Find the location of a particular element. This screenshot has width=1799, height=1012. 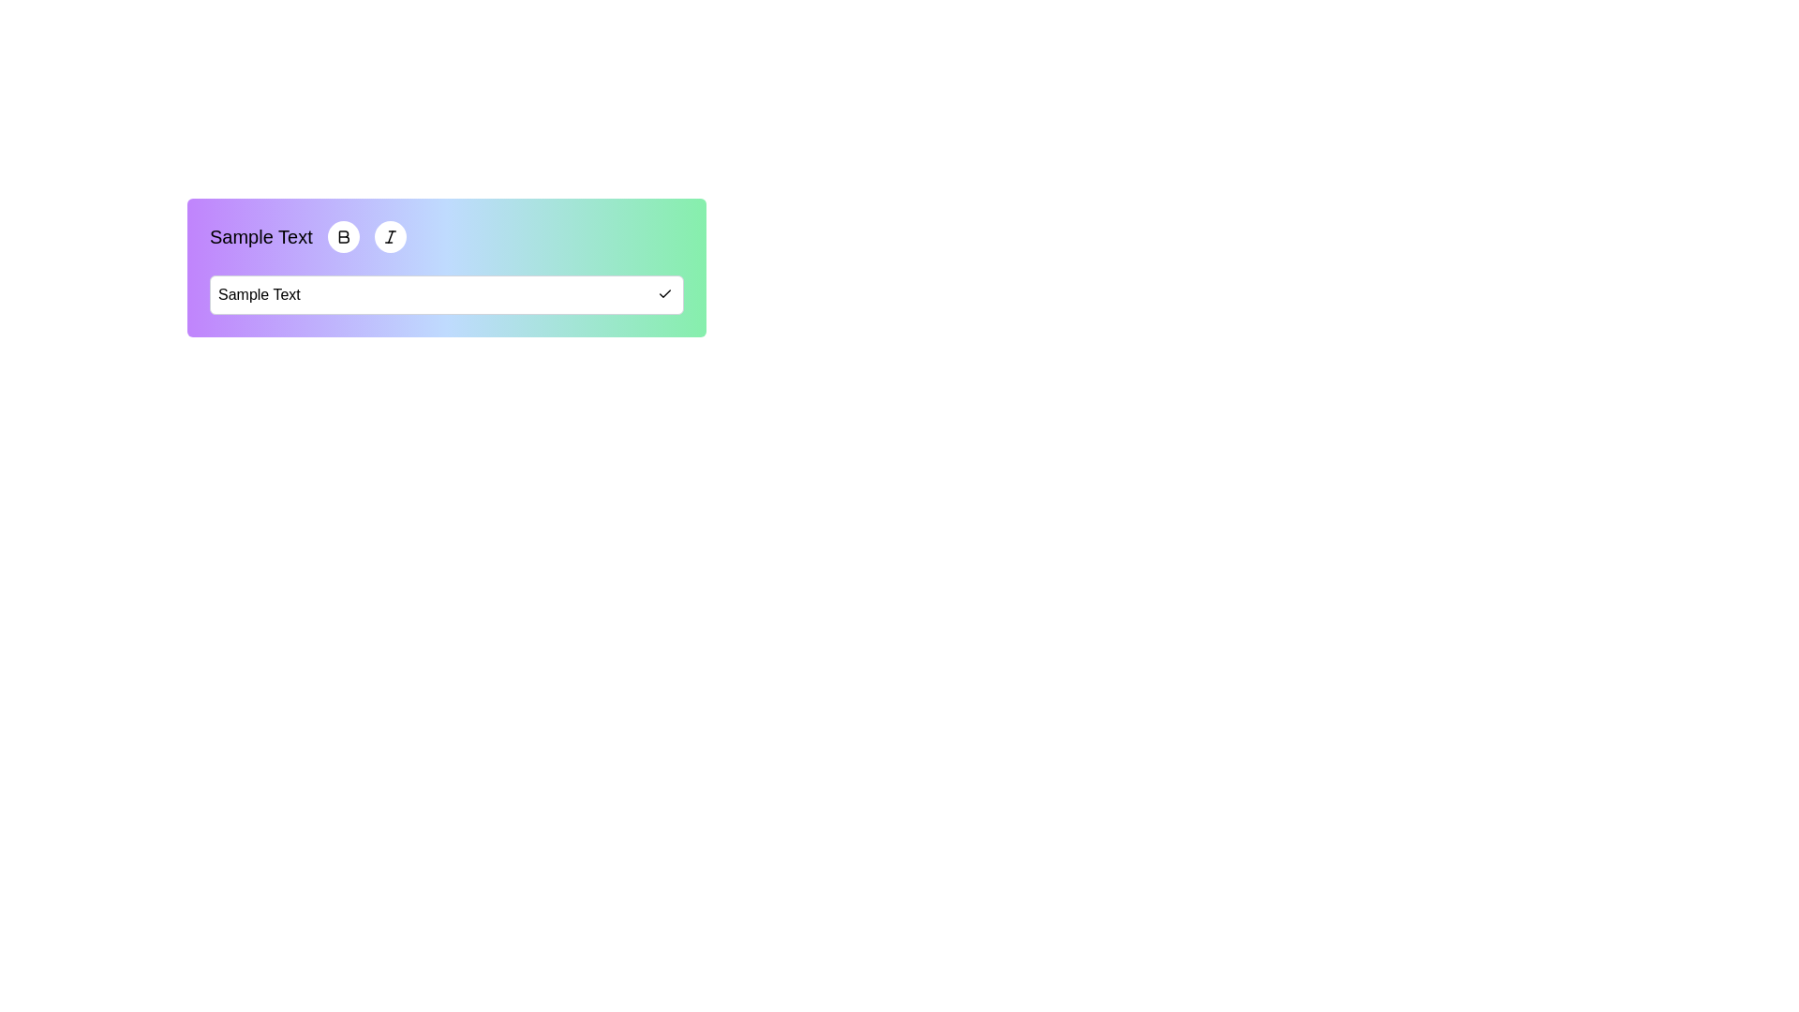

the circular button with a white background and black italicized 'I' text to apply italic formatting is located at coordinates (389, 236).